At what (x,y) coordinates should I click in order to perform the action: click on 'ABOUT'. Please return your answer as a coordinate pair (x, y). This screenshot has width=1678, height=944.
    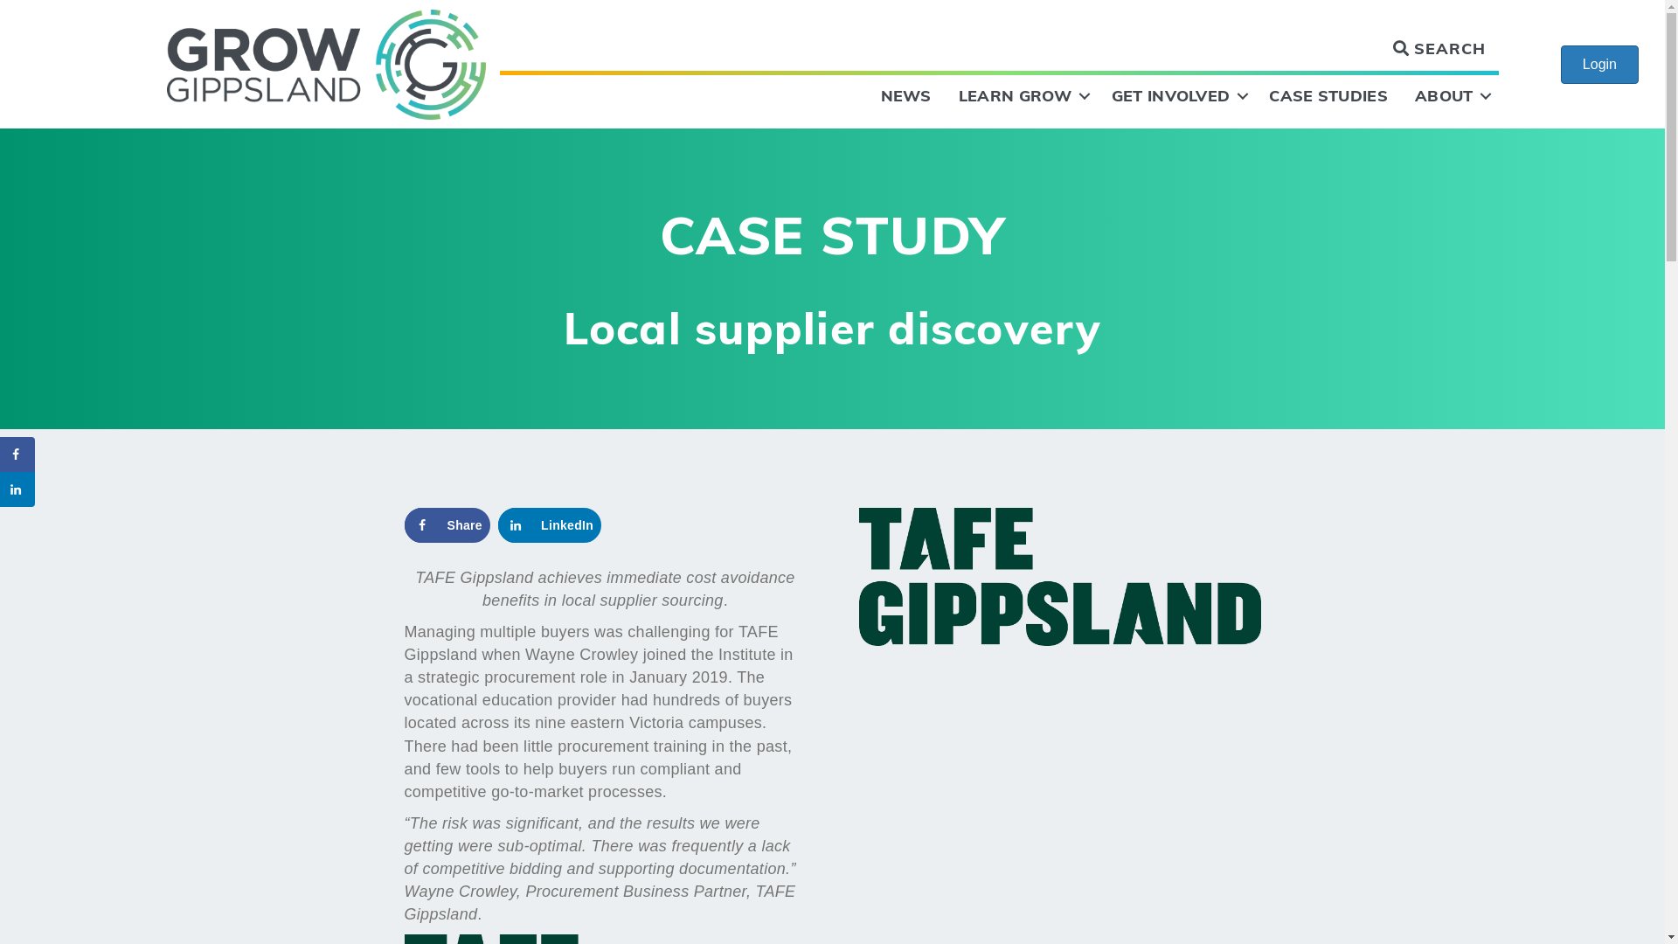
    Looking at the image, I should click on (1450, 96).